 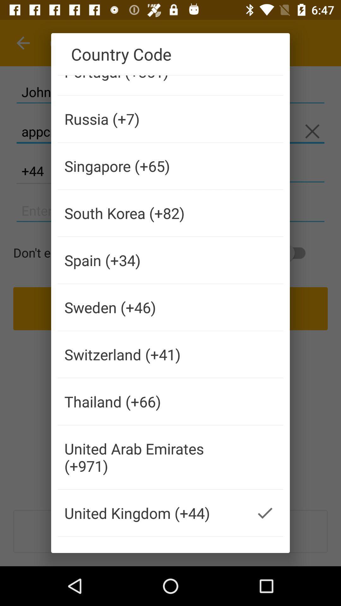 I want to click on icon next to the united kingdom (+44), so click(x=265, y=513).